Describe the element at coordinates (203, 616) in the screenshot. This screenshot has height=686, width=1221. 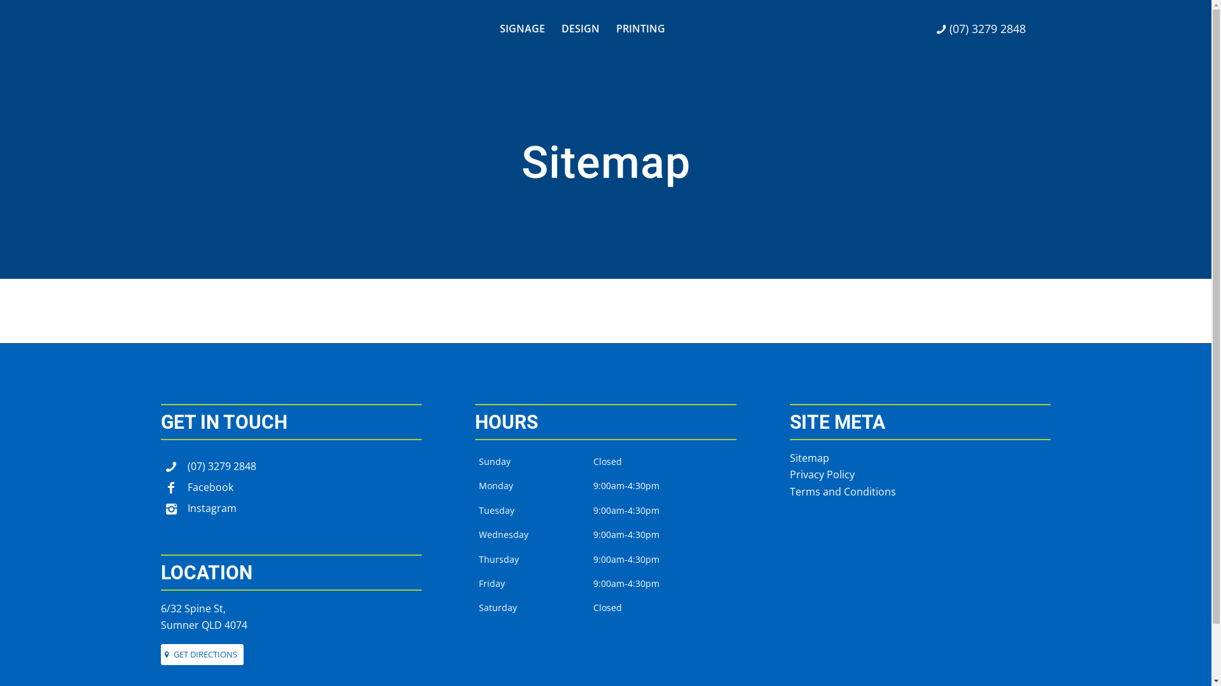
I see `'6/32 Spine St,` at that location.